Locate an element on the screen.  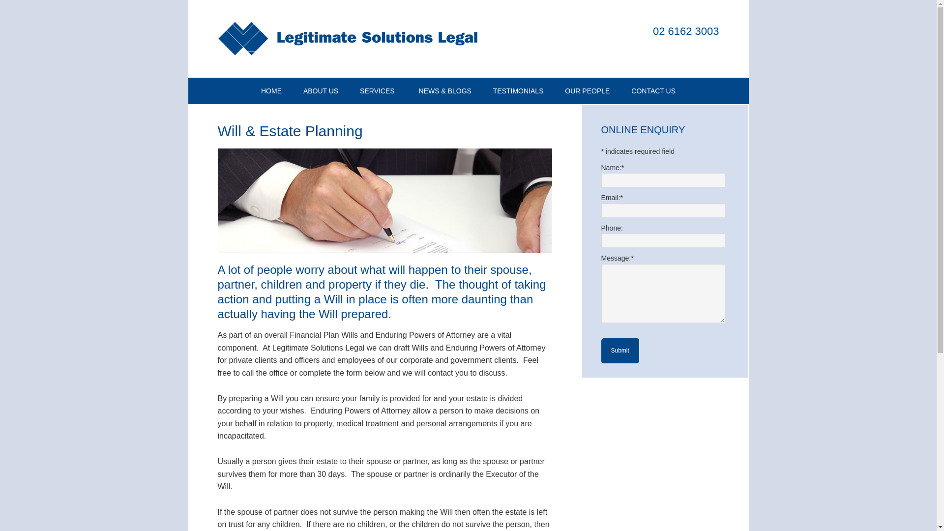
'SERVICES' is located at coordinates (378, 91).